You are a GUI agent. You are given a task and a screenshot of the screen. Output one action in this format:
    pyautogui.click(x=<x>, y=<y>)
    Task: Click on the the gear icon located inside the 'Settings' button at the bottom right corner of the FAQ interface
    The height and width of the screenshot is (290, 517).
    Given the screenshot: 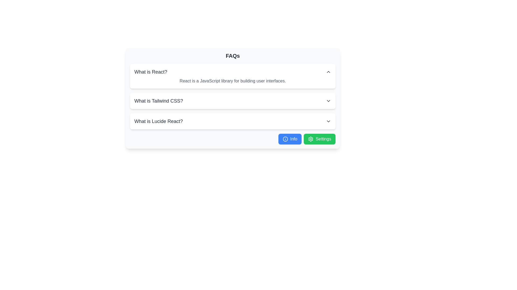 What is the action you would take?
    pyautogui.click(x=311, y=139)
    